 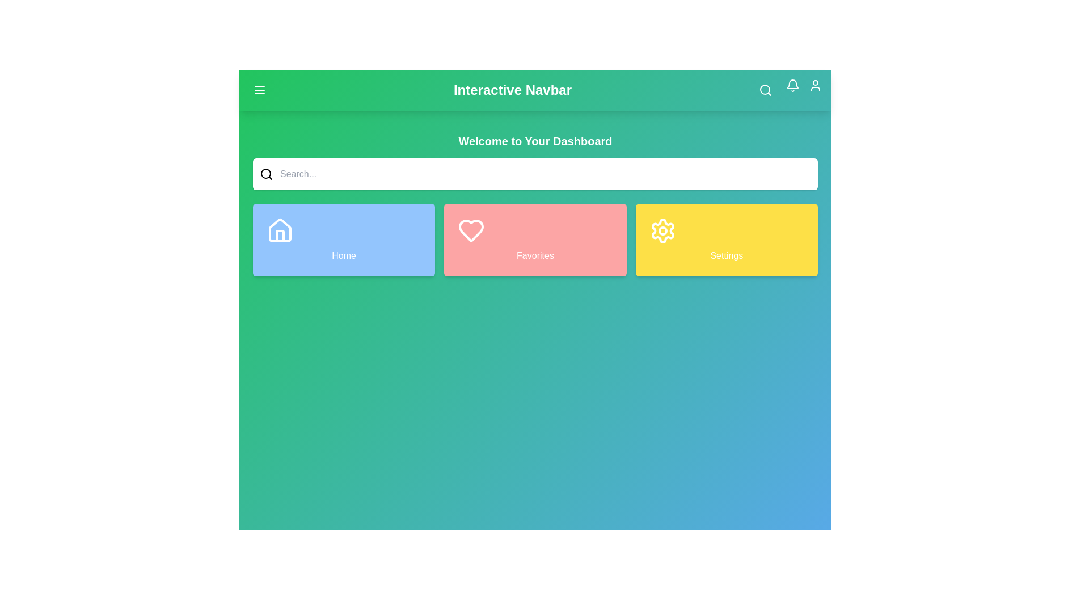 What do you see at coordinates (343, 240) in the screenshot?
I see `the 'Home' card` at bounding box center [343, 240].